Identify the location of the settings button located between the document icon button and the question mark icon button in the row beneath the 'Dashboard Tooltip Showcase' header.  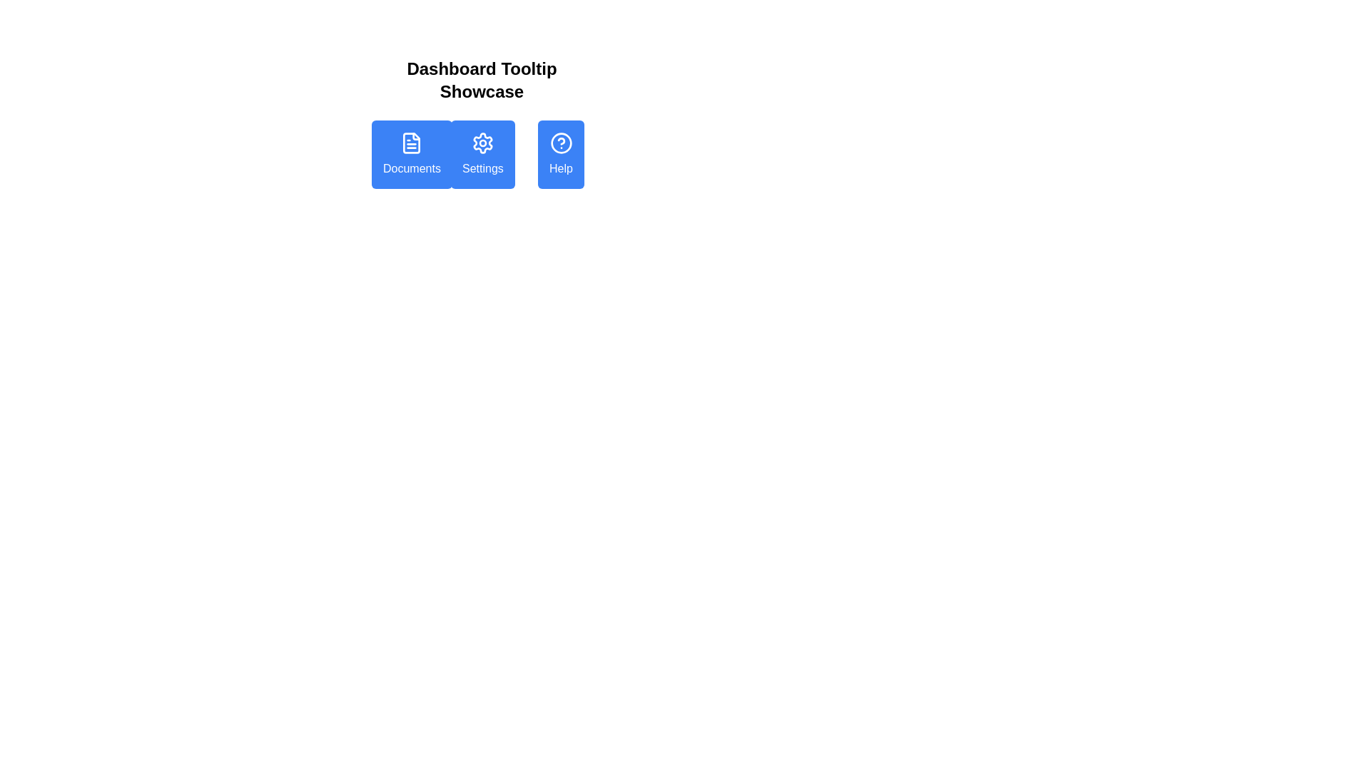
(482, 123).